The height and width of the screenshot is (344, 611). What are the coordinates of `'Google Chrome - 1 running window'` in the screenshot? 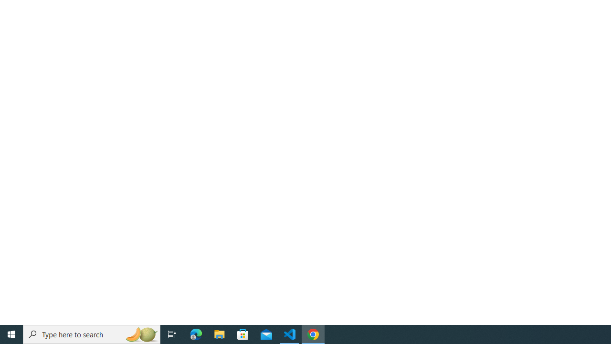 It's located at (313, 333).